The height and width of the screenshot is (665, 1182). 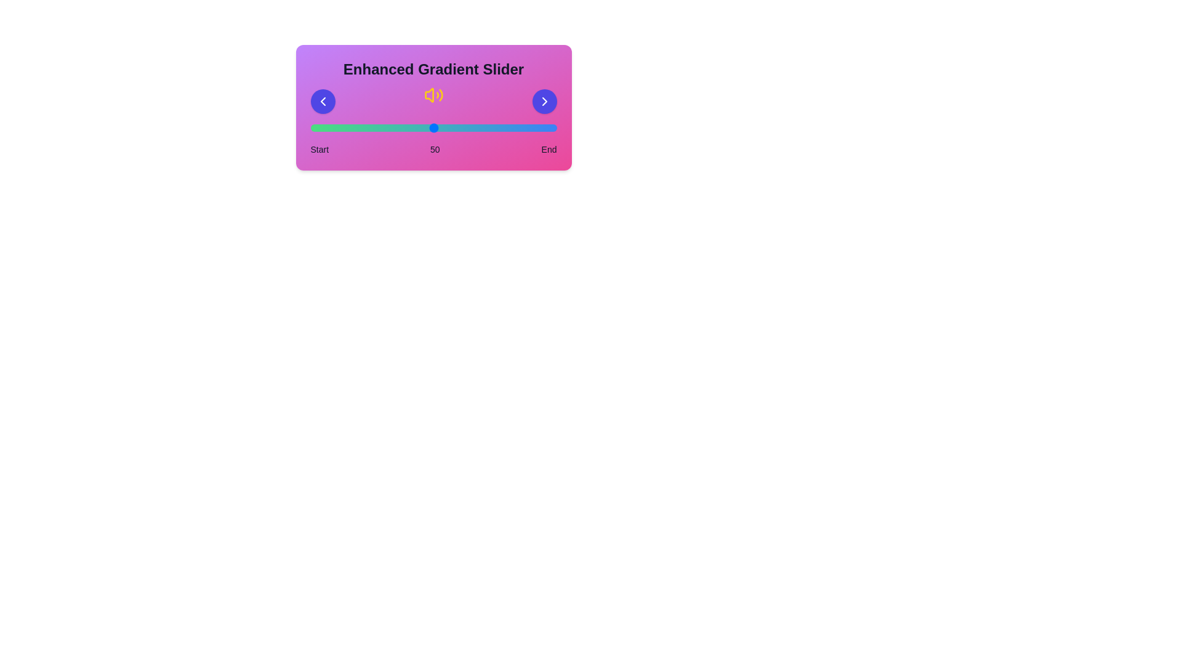 I want to click on the slider to the value 15, so click(x=347, y=128).